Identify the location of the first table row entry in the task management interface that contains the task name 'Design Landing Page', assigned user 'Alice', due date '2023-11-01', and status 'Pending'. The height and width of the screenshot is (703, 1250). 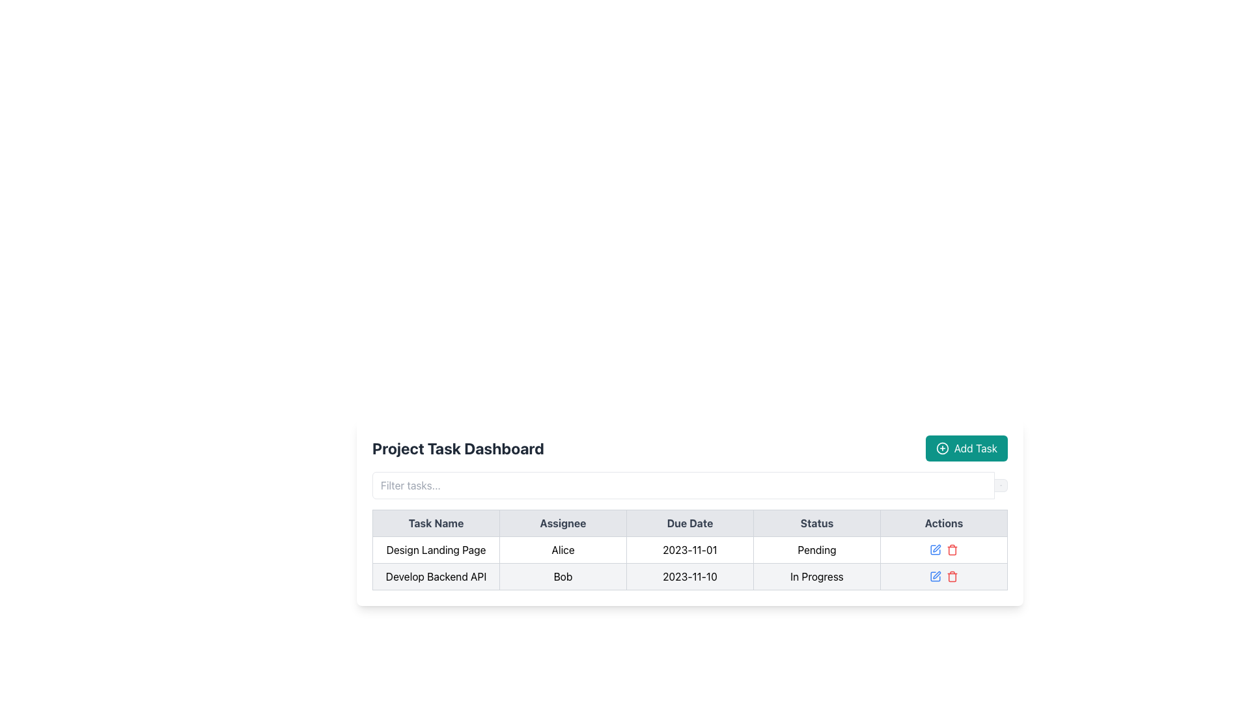
(689, 549).